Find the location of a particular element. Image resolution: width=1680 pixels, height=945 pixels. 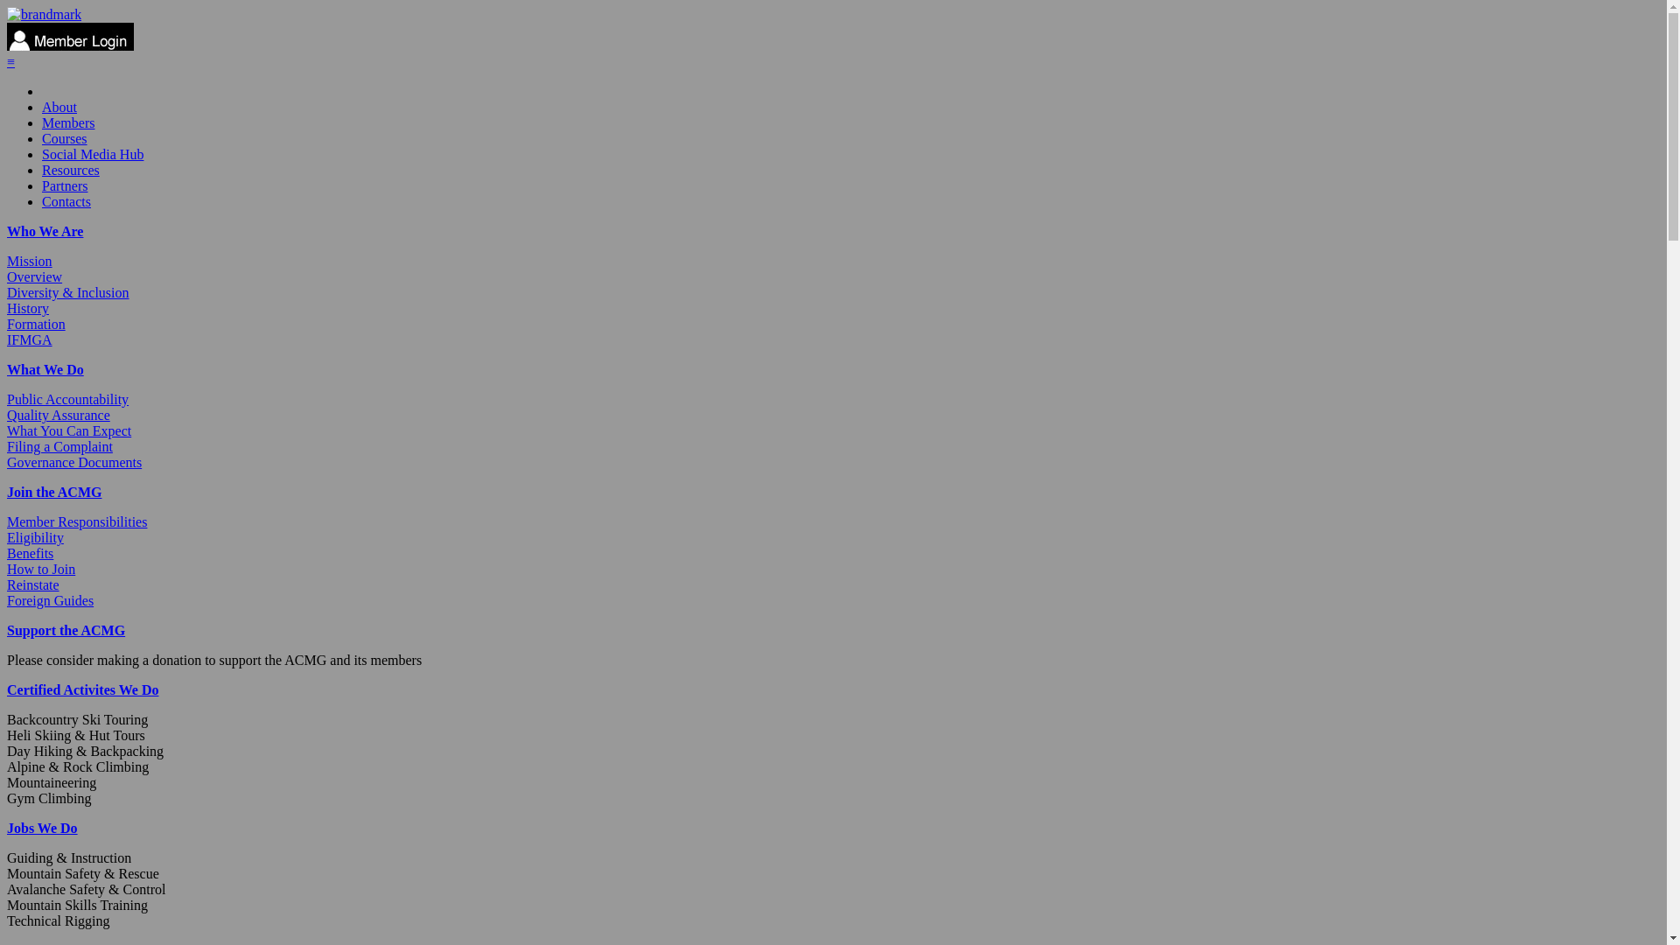

'Benefits' is located at coordinates (30, 553).